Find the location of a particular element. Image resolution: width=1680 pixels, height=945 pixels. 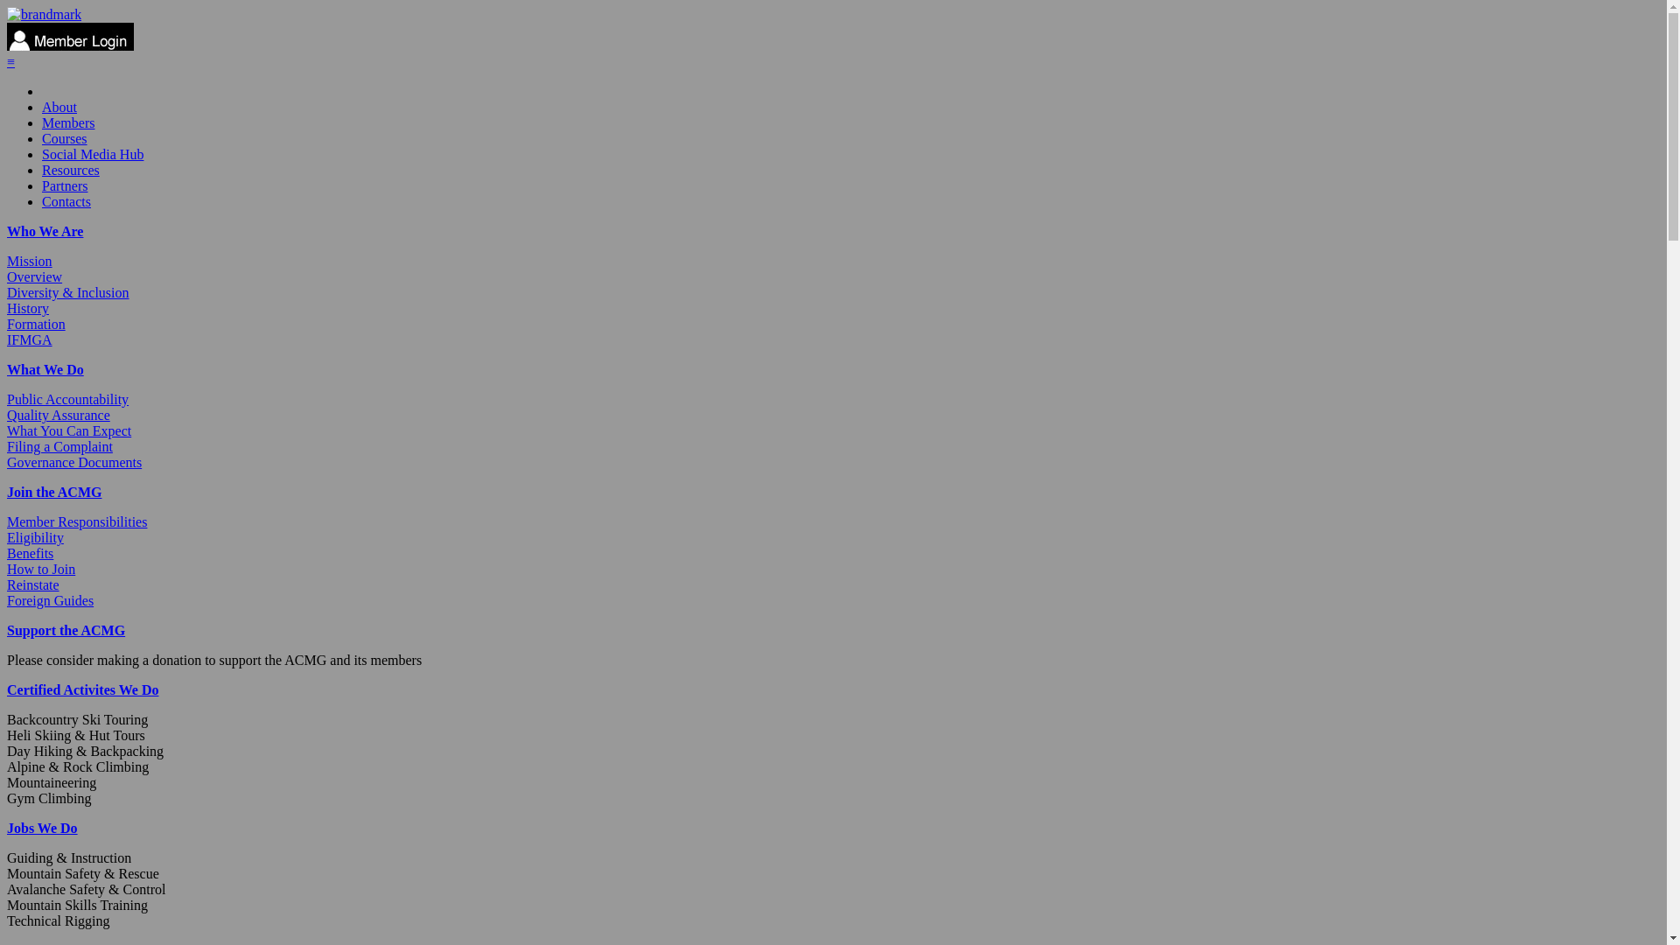

'Benefits' is located at coordinates (30, 553).